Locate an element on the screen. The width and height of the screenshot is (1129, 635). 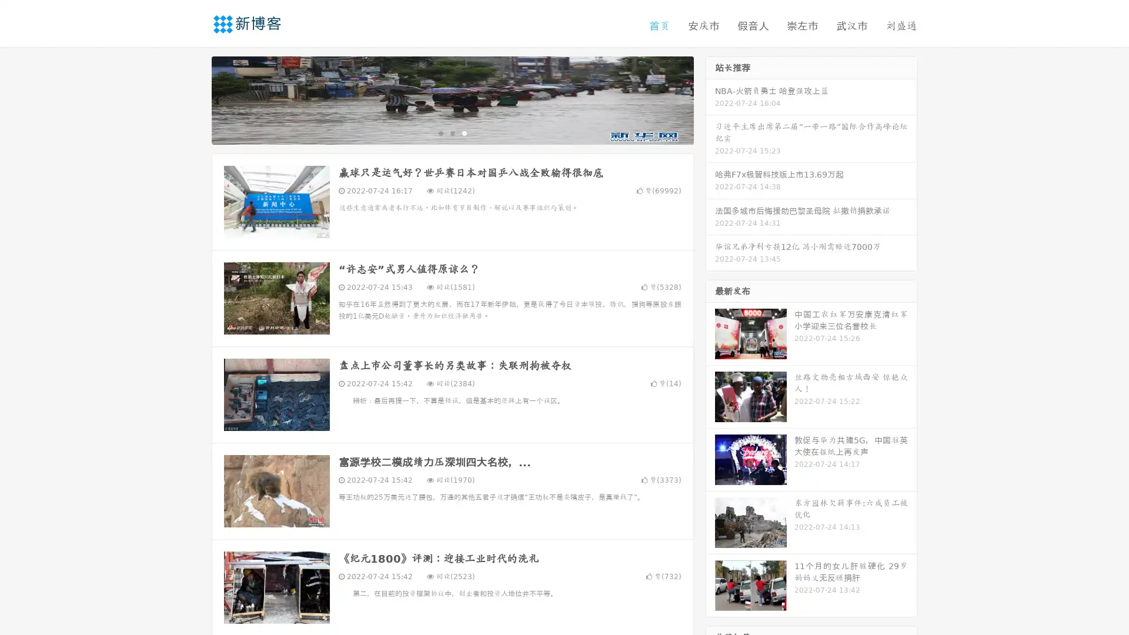
Go to slide 3 is located at coordinates (464, 132).